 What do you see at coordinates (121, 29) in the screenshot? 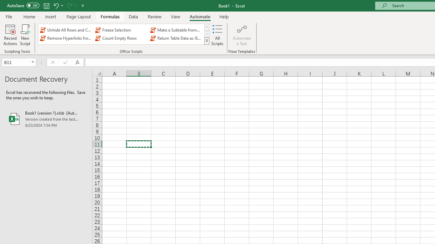
I see `'Freeze Selection'` at bounding box center [121, 29].